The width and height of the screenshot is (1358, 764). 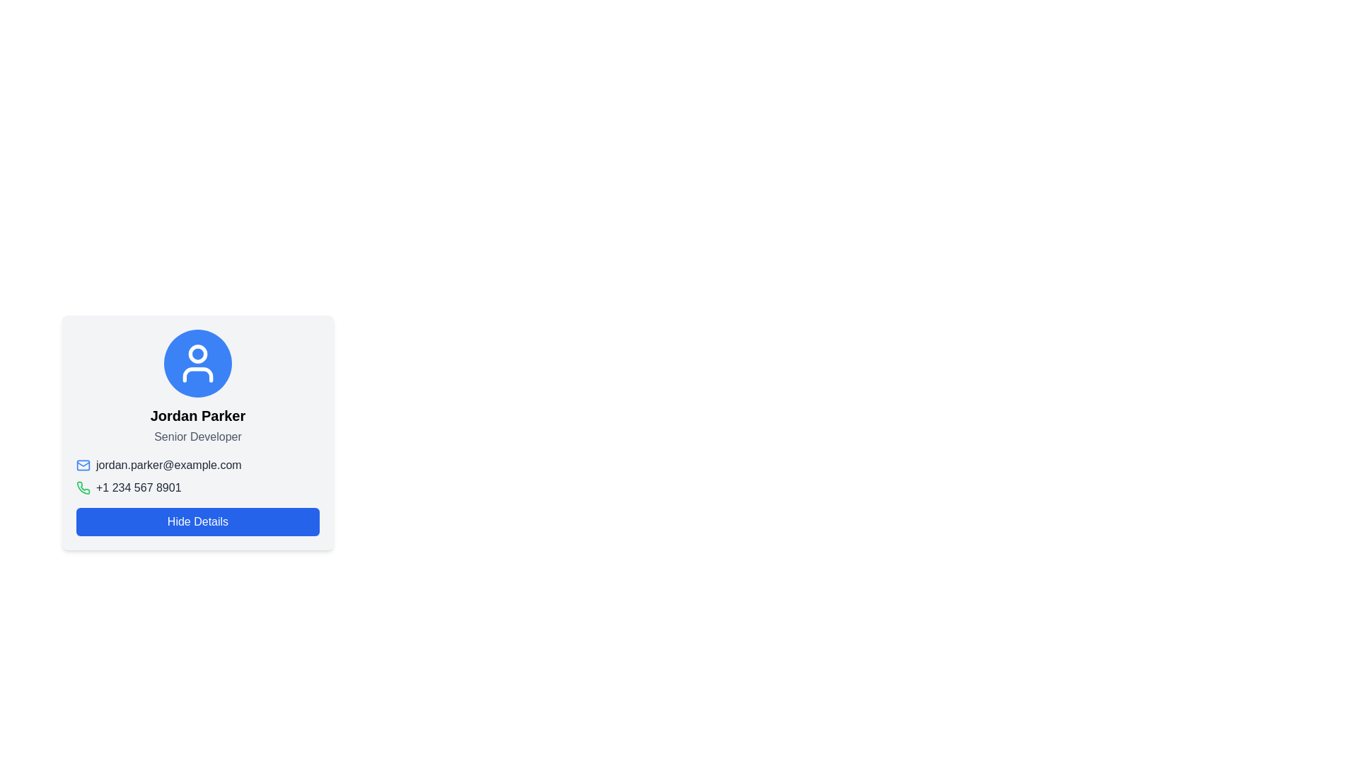 What do you see at coordinates (197, 353) in the screenshot?
I see `the head portion of the avatar graphic, which is centrally positioned in the user card` at bounding box center [197, 353].